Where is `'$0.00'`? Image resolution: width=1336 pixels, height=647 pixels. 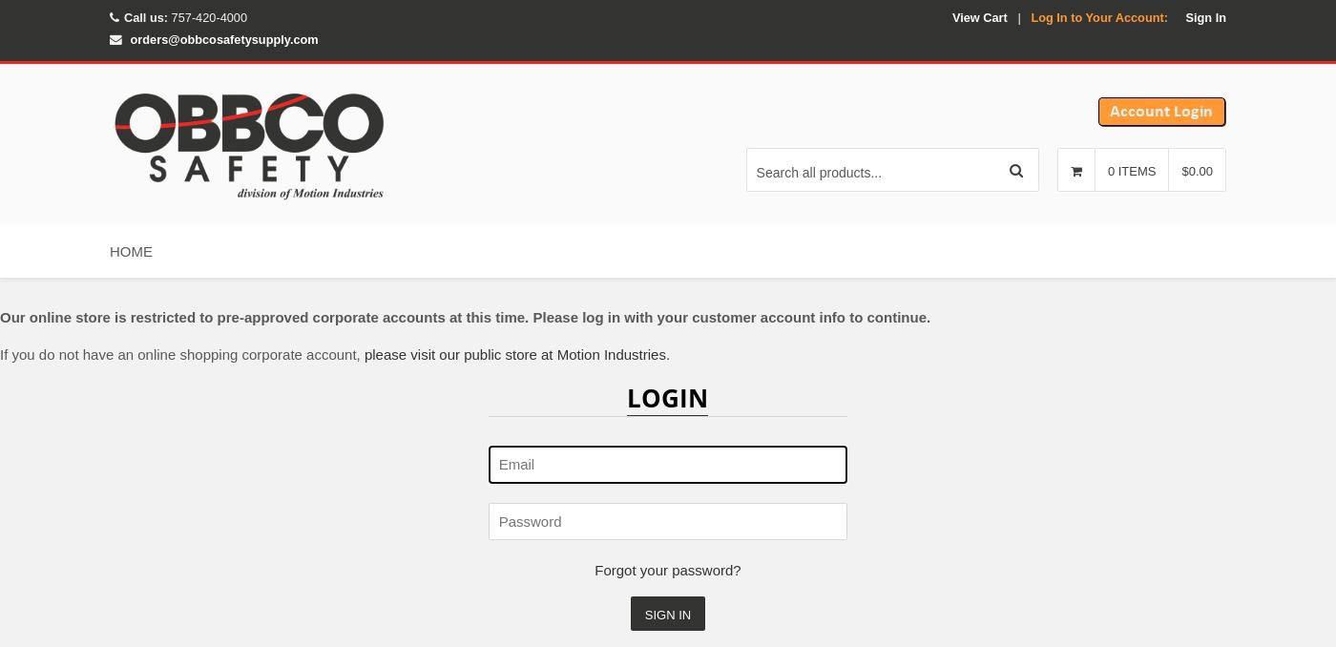
'$0.00' is located at coordinates (1197, 171).